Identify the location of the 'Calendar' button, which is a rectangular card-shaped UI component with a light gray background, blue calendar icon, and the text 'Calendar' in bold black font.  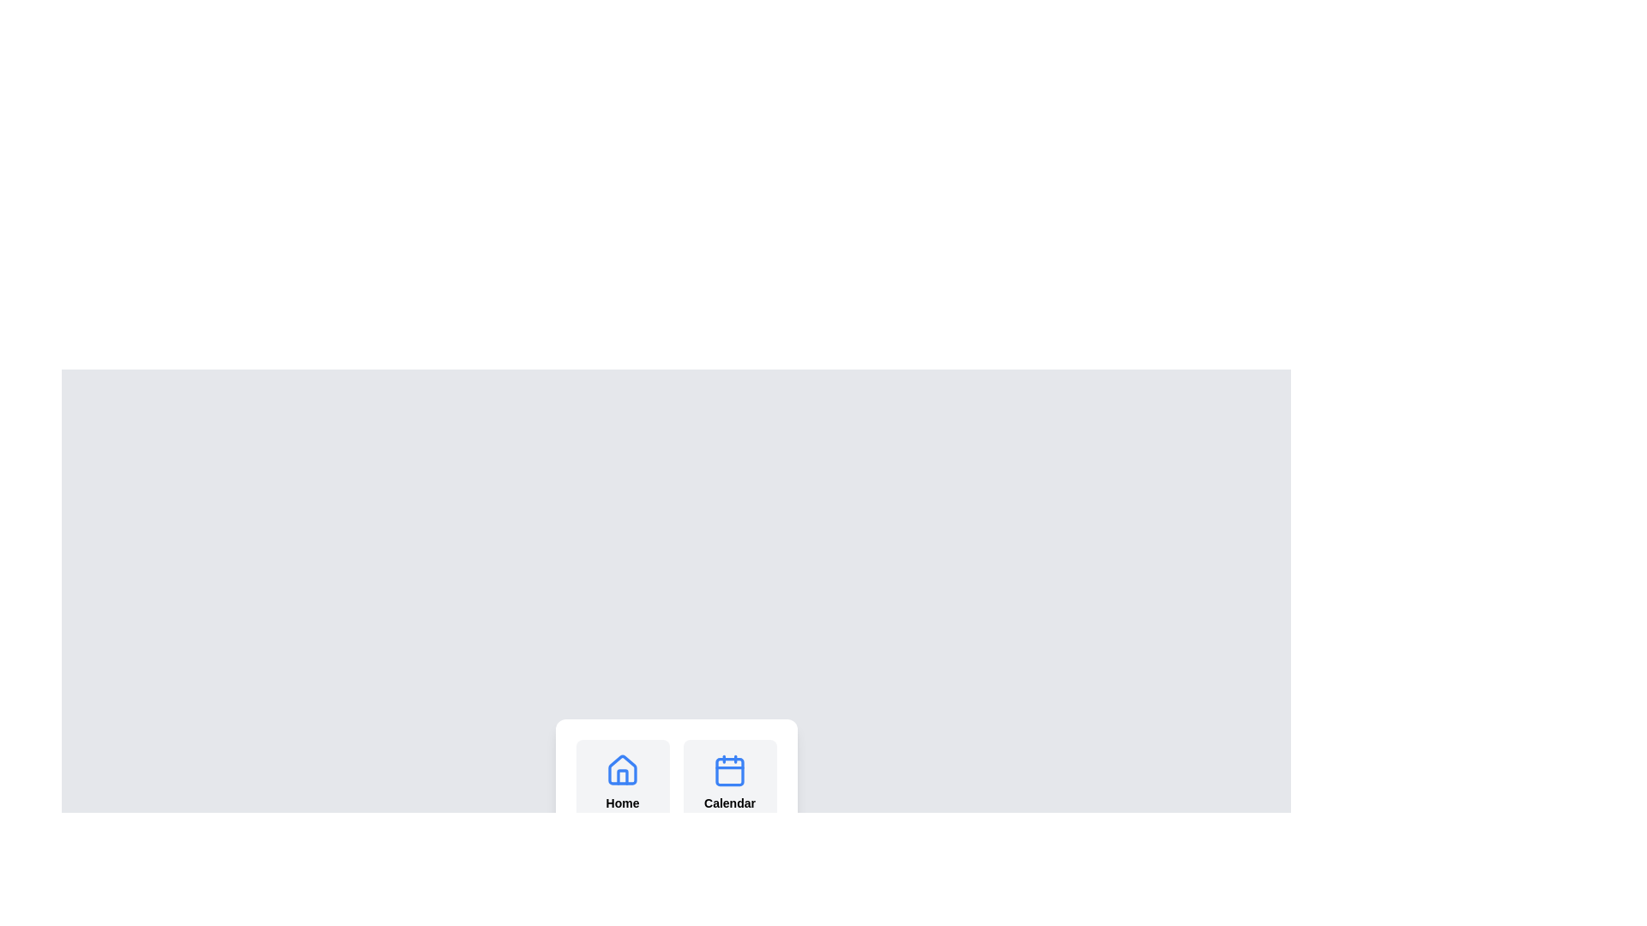
(729, 783).